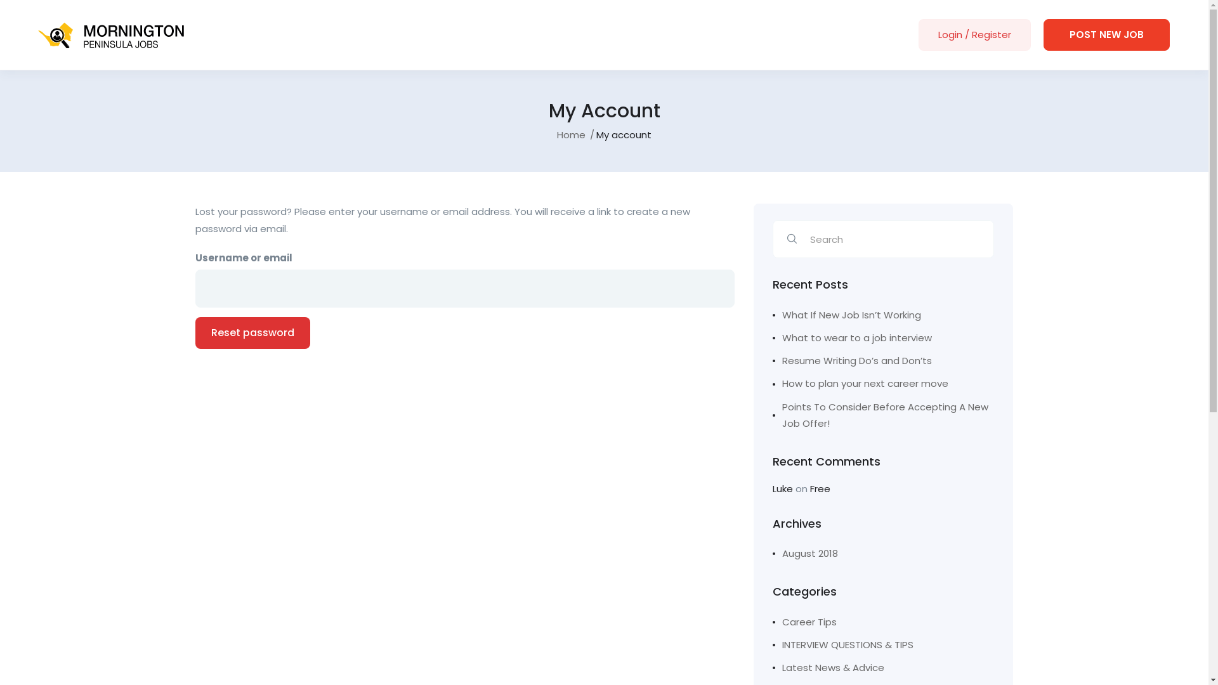  I want to click on 'Home', so click(570, 134).